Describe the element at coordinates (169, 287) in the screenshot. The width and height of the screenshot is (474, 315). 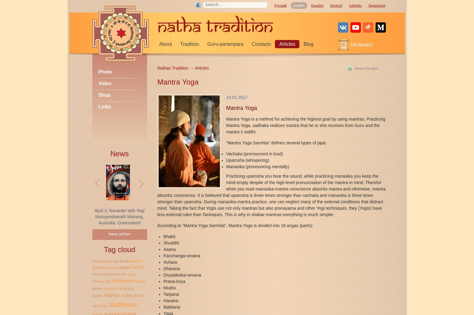
I see `'Mudra'` at that location.